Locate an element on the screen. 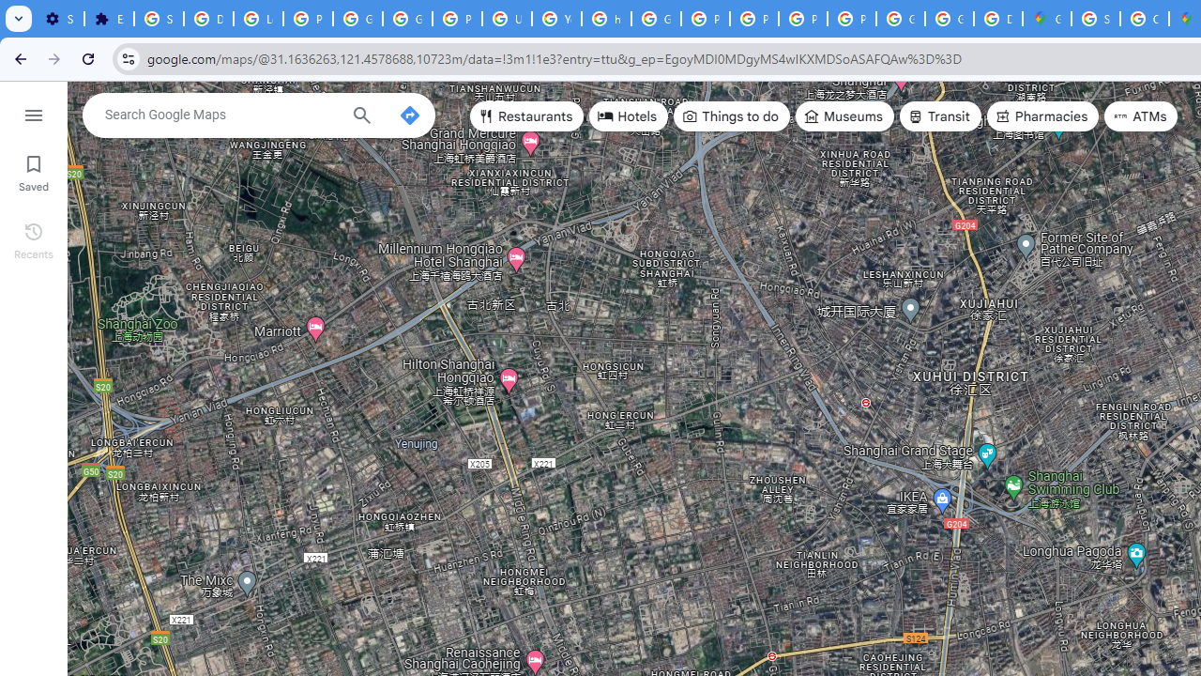 The image size is (1201, 676). 'Museums' is located at coordinates (844, 116).